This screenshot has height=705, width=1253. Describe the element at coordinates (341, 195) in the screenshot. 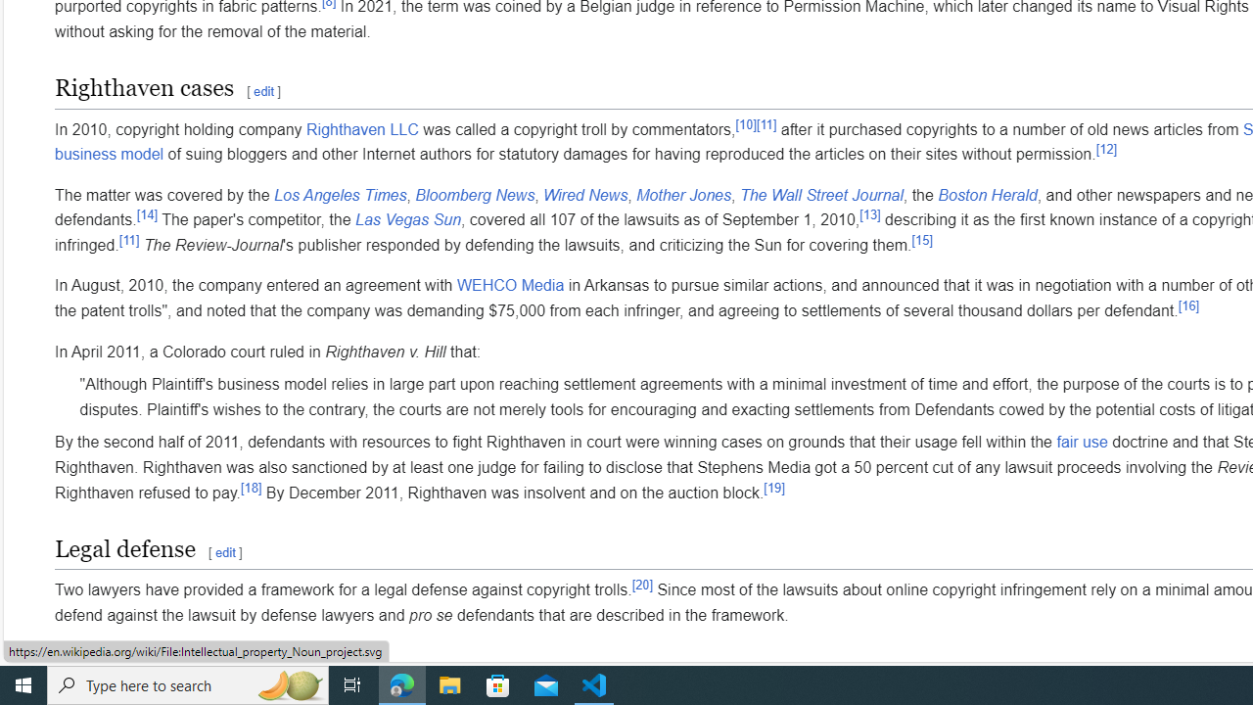

I see `'Los Angeles Times'` at that location.